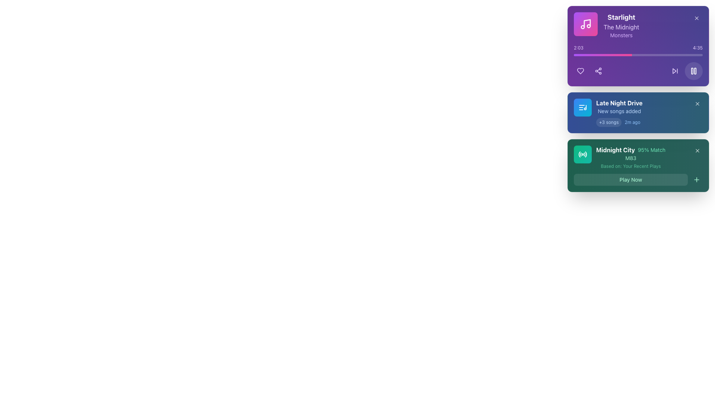 The width and height of the screenshot is (715, 402). What do you see at coordinates (697, 151) in the screenshot?
I see `the button located at the top-right corner of the green card labeled 'Midnight City'` at bounding box center [697, 151].